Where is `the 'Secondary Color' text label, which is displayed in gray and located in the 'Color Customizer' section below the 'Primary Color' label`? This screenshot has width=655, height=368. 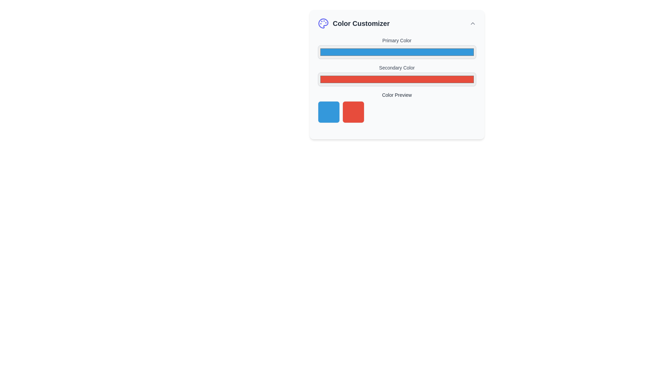
the 'Secondary Color' text label, which is displayed in gray and located in the 'Color Customizer' section below the 'Primary Color' label is located at coordinates (397, 68).